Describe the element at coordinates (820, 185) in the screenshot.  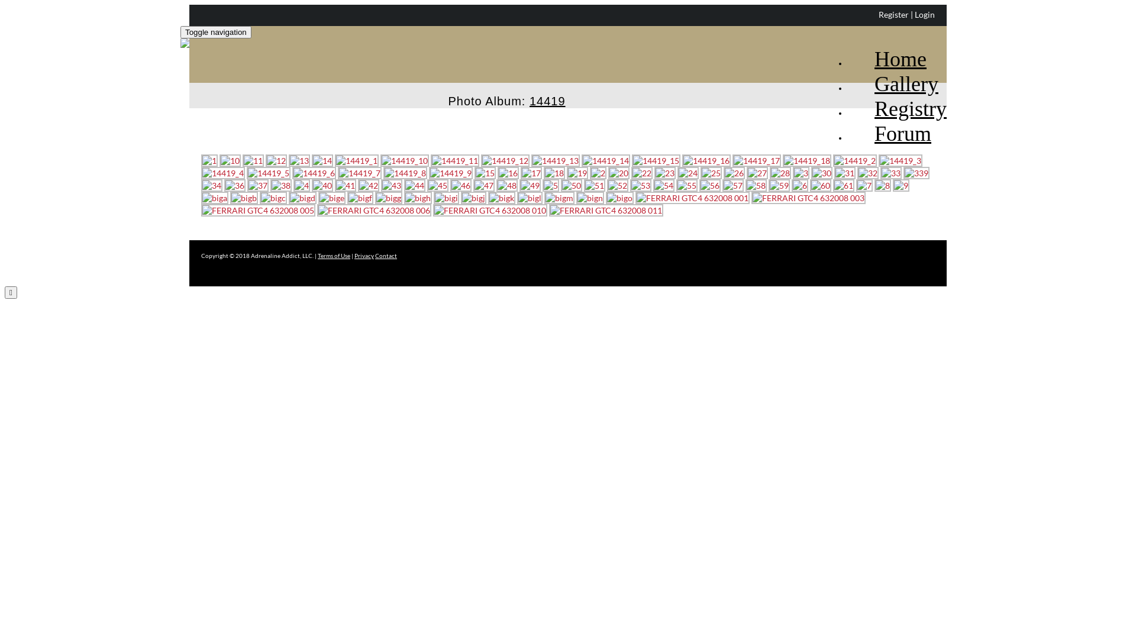
I see `'60 (click to enlarge)'` at that location.